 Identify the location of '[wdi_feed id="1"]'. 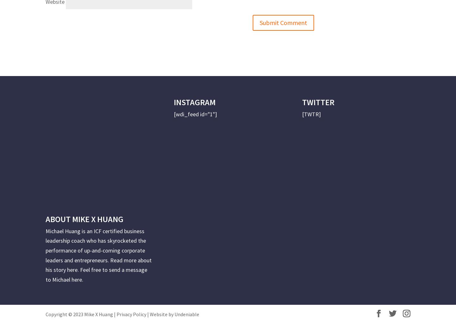
(195, 114).